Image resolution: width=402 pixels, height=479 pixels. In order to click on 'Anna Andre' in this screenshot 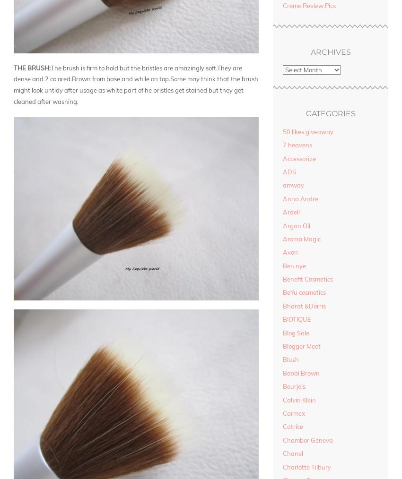, I will do `click(300, 197)`.